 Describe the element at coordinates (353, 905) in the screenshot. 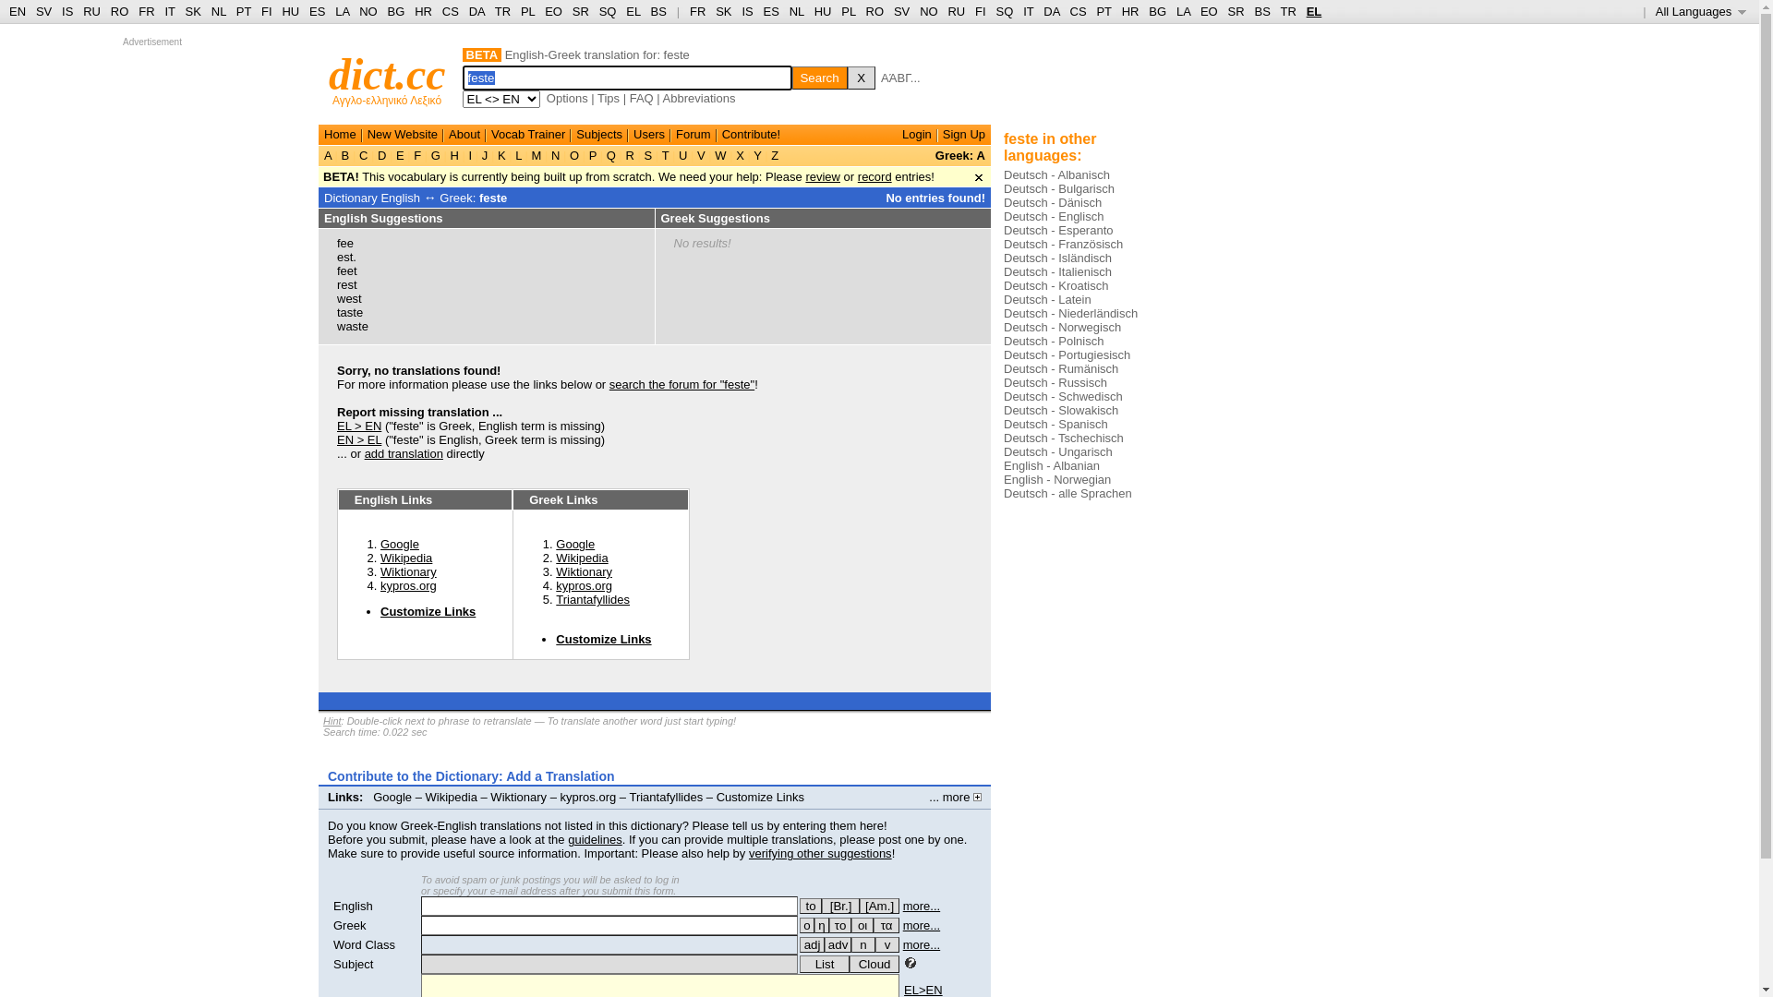

I see `'English'` at that location.